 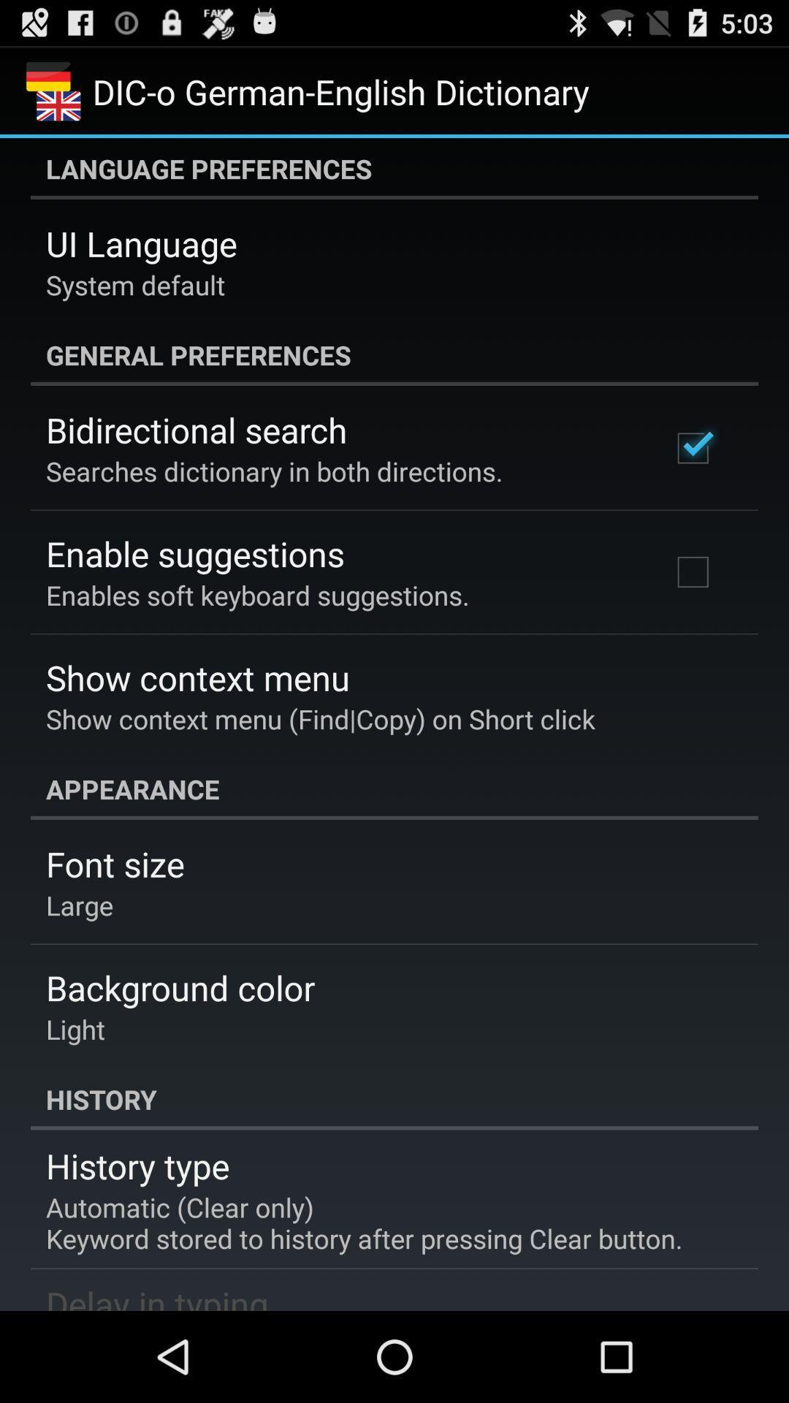 I want to click on icon above the large app, so click(x=114, y=864).